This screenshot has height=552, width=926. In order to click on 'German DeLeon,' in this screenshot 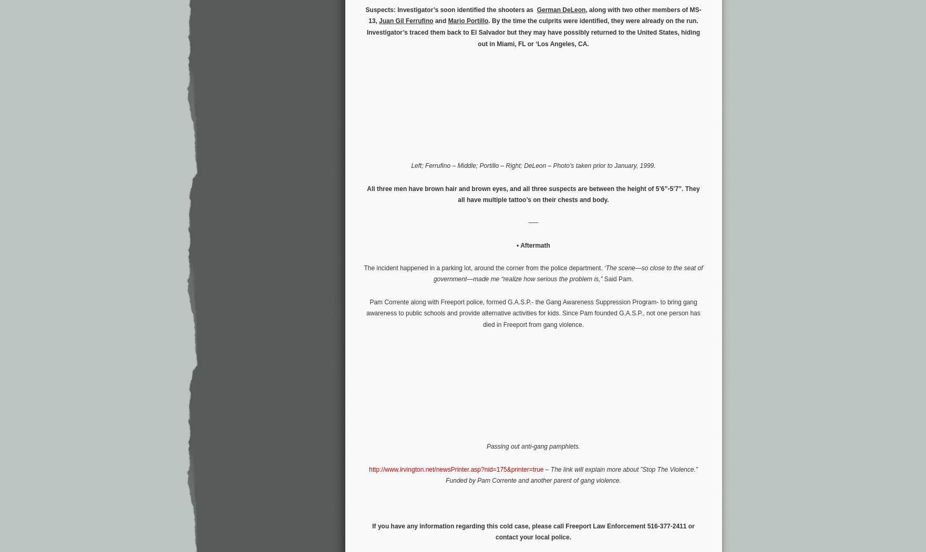, I will do `click(562, 9)`.